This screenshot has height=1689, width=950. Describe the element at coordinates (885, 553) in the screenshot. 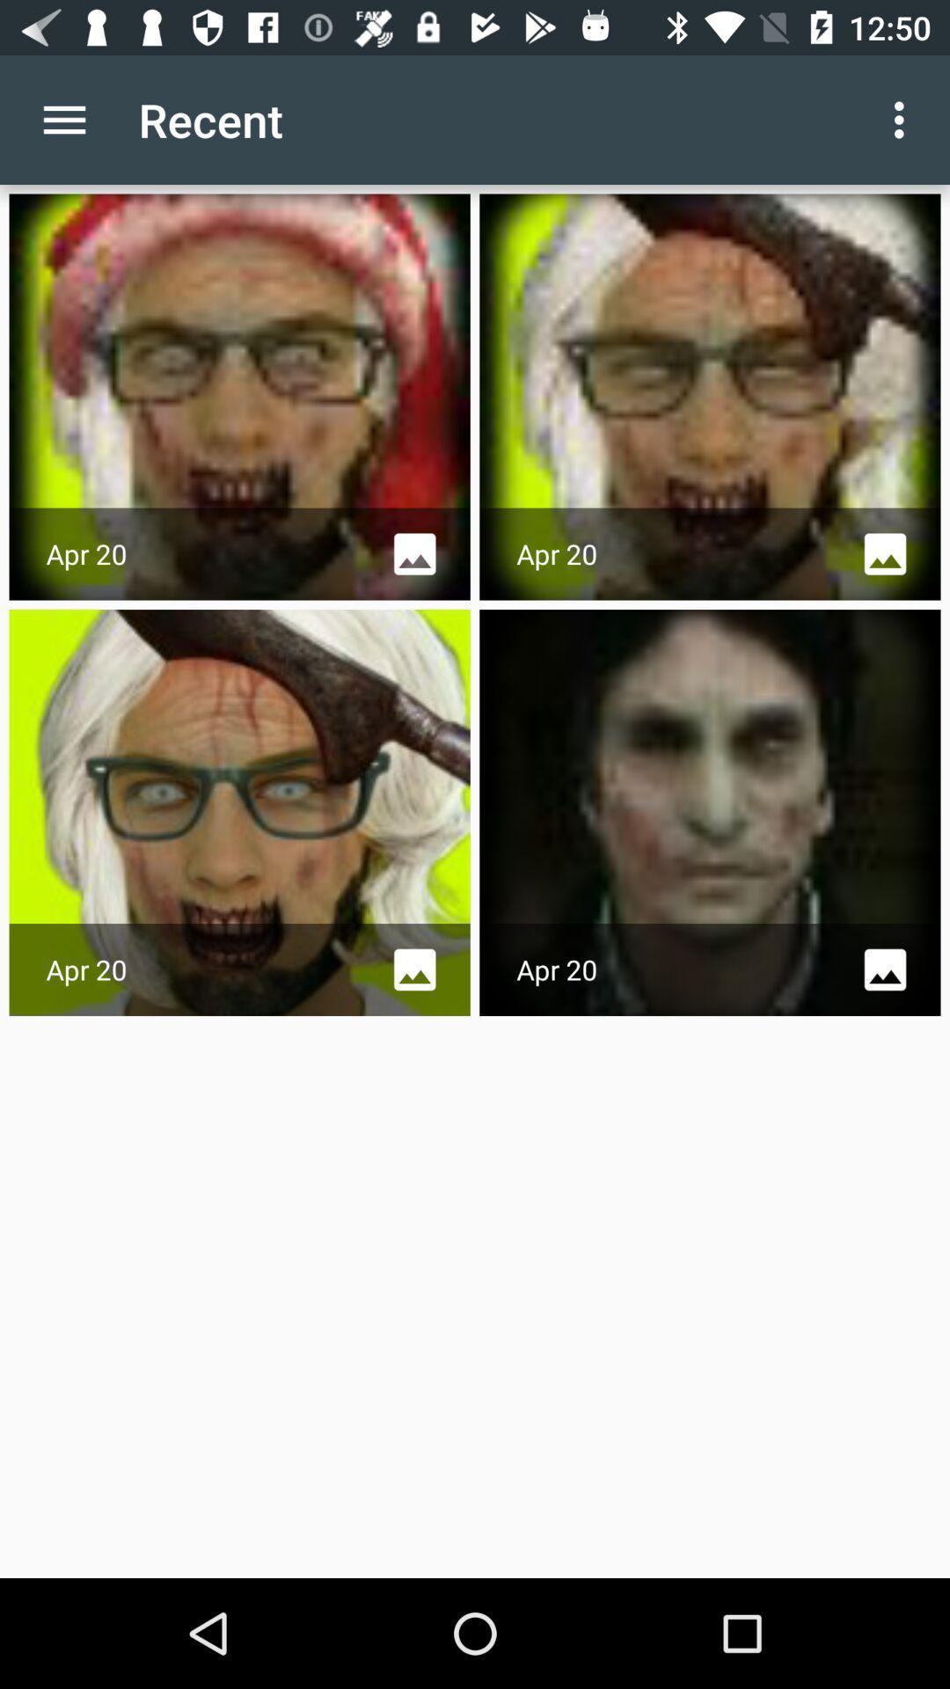

I see `the second image icon in the first row` at that location.